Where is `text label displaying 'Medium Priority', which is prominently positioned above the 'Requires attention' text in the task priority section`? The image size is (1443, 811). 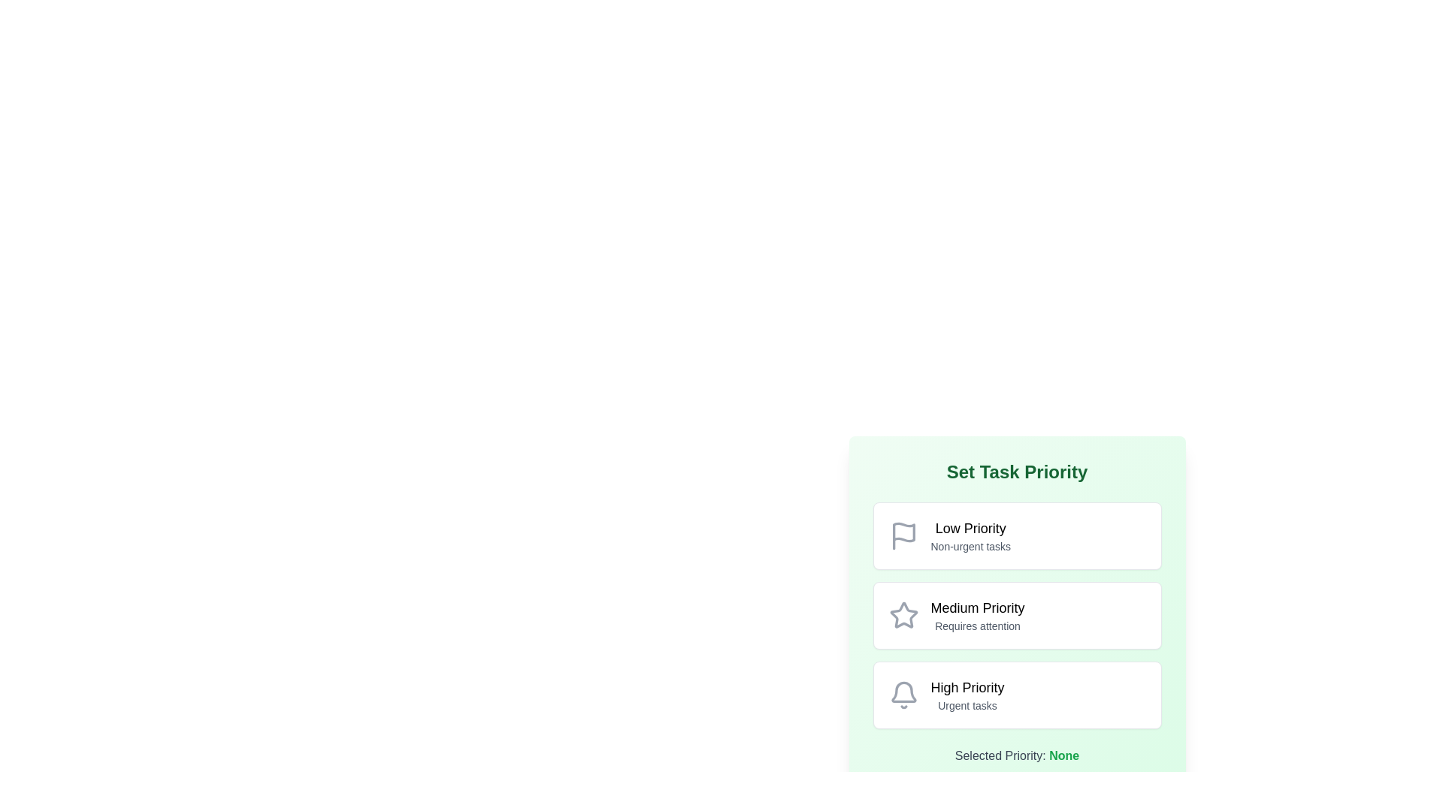 text label displaying 'Medium Priority', which is prominently positioned above the 'Requires attention' text in the task priority section is located at coordinates (977, 608).